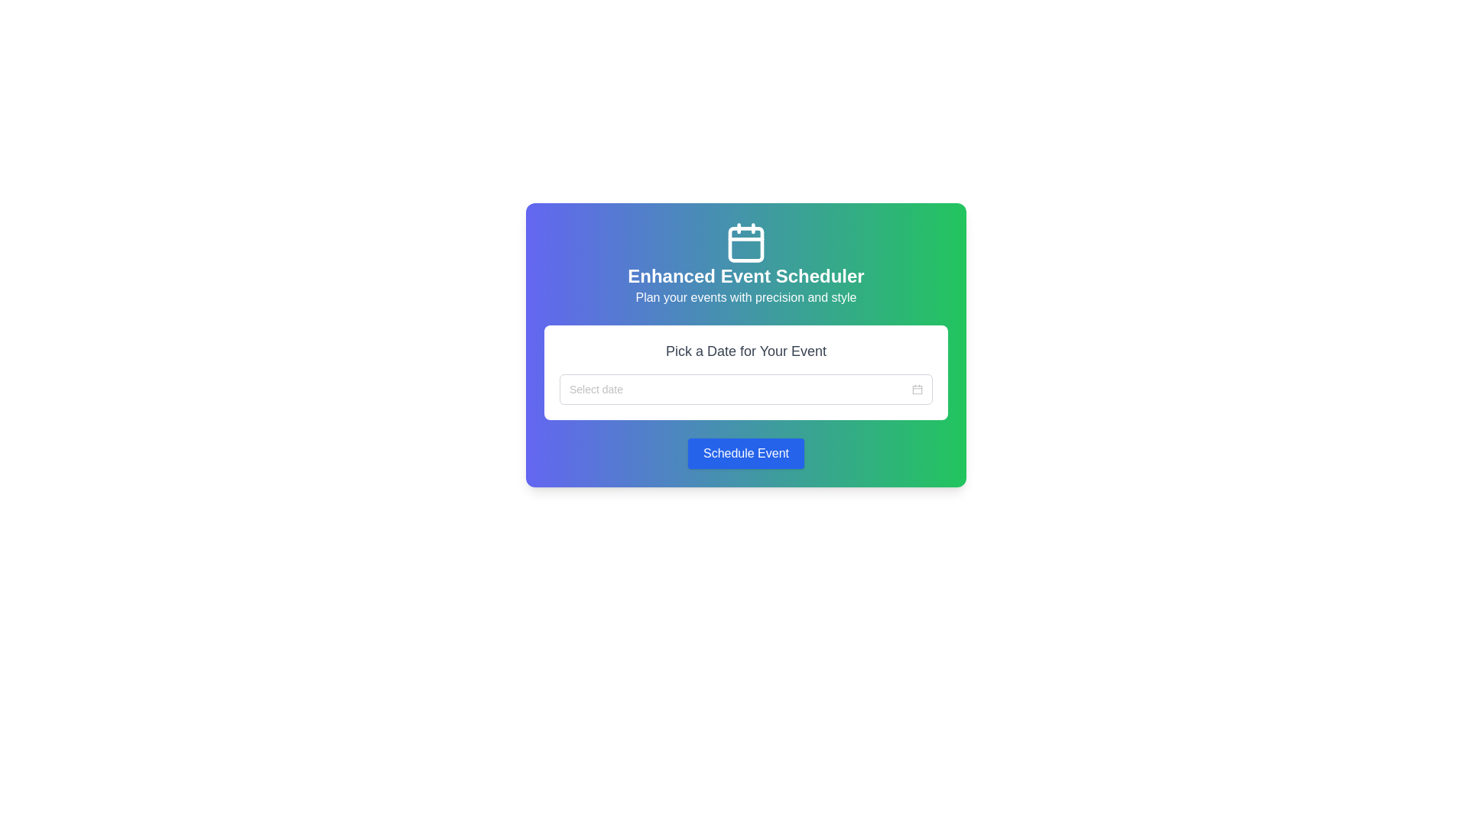  I want to click on the small calendar icon located to the far right inside the date selection input field, which is below the main header text in a gradient-colored modal interface, so click(917, 388).